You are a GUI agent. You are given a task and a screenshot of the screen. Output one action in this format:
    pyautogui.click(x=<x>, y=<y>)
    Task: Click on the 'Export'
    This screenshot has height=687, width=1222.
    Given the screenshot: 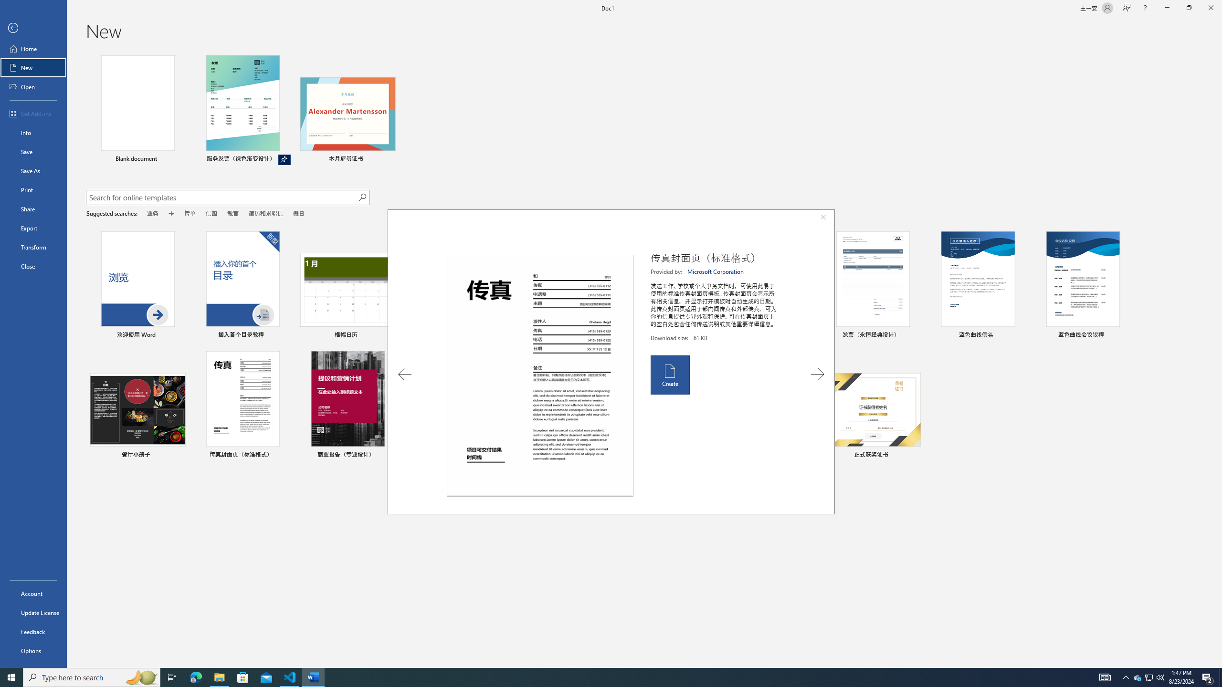 What is the action you would take?
    pyautogui.click(x=33, y=228)
    